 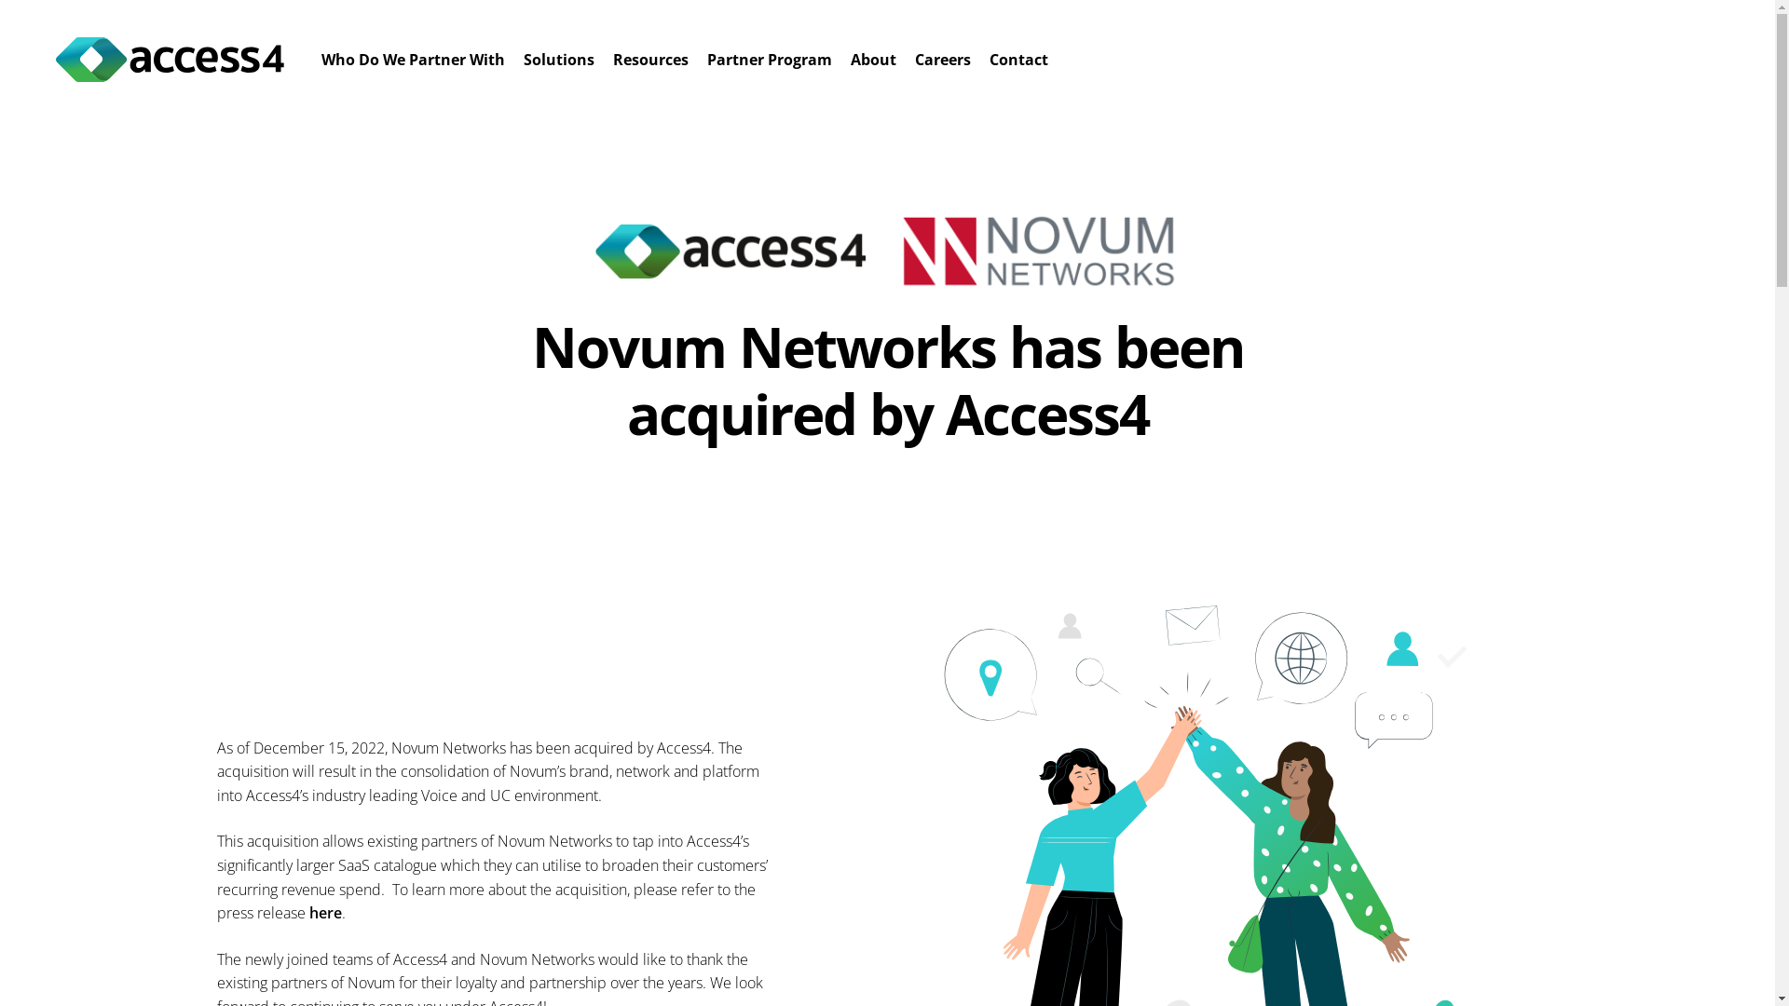 I want to click on 'Careers', so click(x=943, y=59).